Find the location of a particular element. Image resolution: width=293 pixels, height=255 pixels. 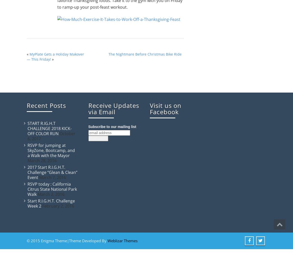

'START R.IG.H.T CHALLENGE 2018 KICK-OFF COLOR RUN' is located at coordinates (49, 129).